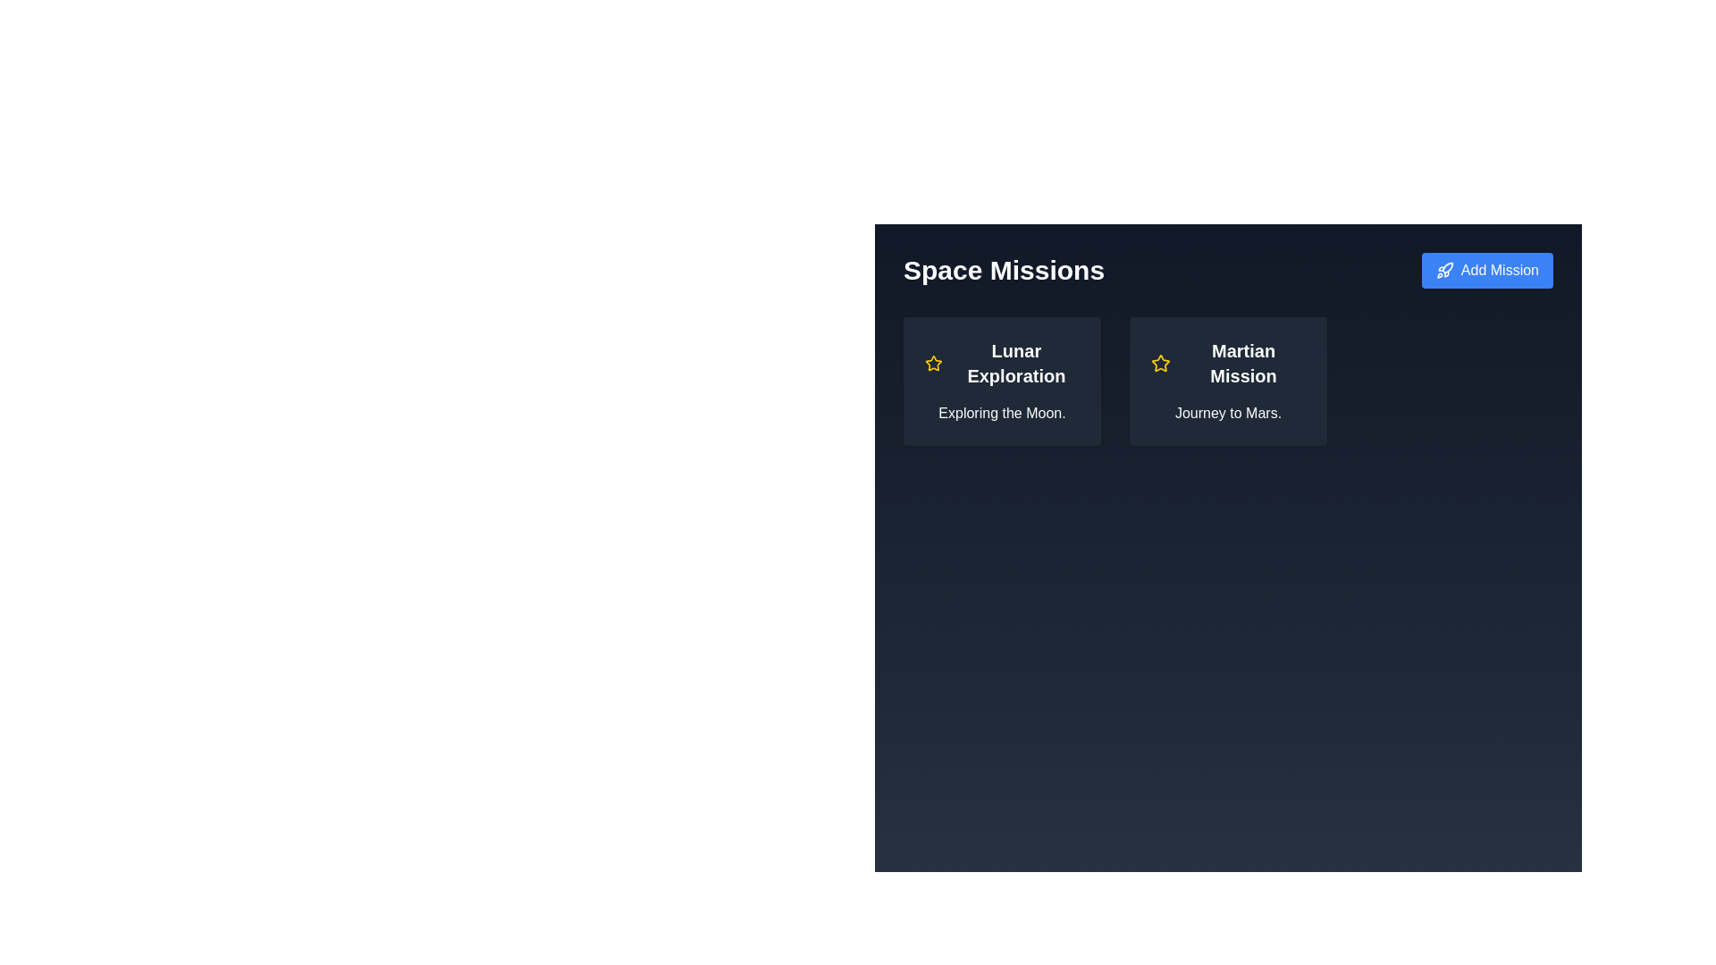 The image size is (1716, 965). What do you see at coordinates (1242, 363) in the screenshot?
I see `the text label 'Martian Mission' styled with a bold font and larger size, located in the right card below a star icon` at bounding box center [1242, 363].